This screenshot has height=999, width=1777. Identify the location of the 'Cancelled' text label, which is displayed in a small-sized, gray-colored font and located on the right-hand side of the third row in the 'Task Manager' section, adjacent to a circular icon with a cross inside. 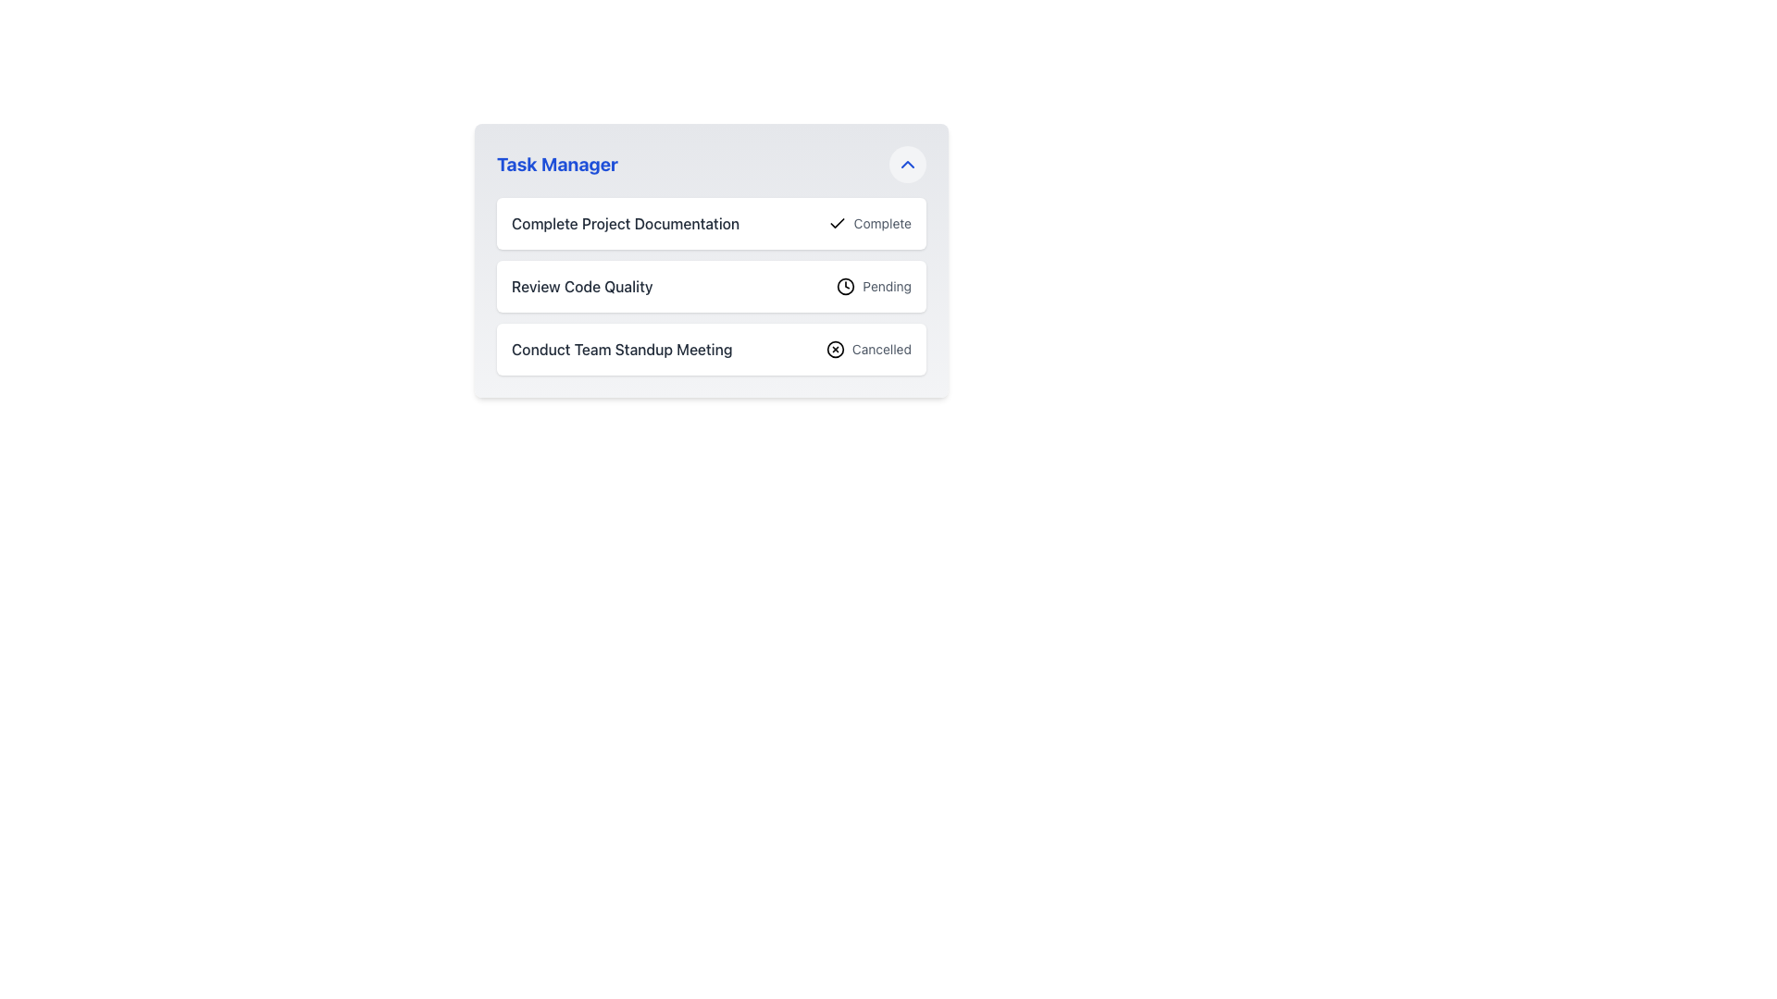
(880, 350).